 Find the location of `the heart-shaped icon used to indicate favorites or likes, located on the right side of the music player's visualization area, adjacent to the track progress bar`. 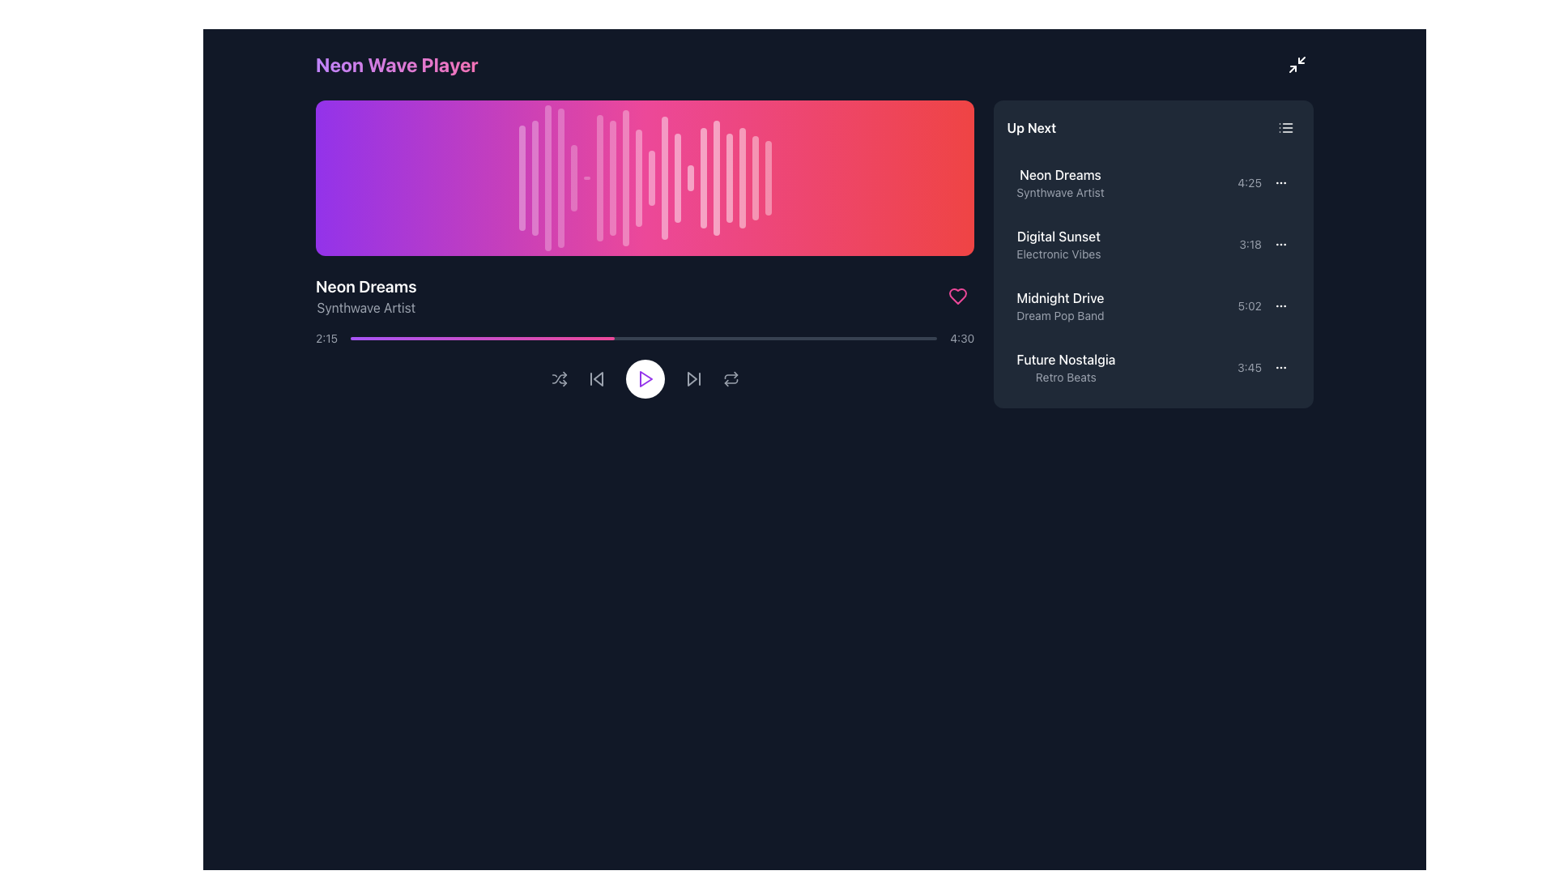

the heart-shaped icon used to indicate favorites or likes, located on the right side of the music player's visualization area, adjacent to the track progress bar is located at coordinates (958, 297).